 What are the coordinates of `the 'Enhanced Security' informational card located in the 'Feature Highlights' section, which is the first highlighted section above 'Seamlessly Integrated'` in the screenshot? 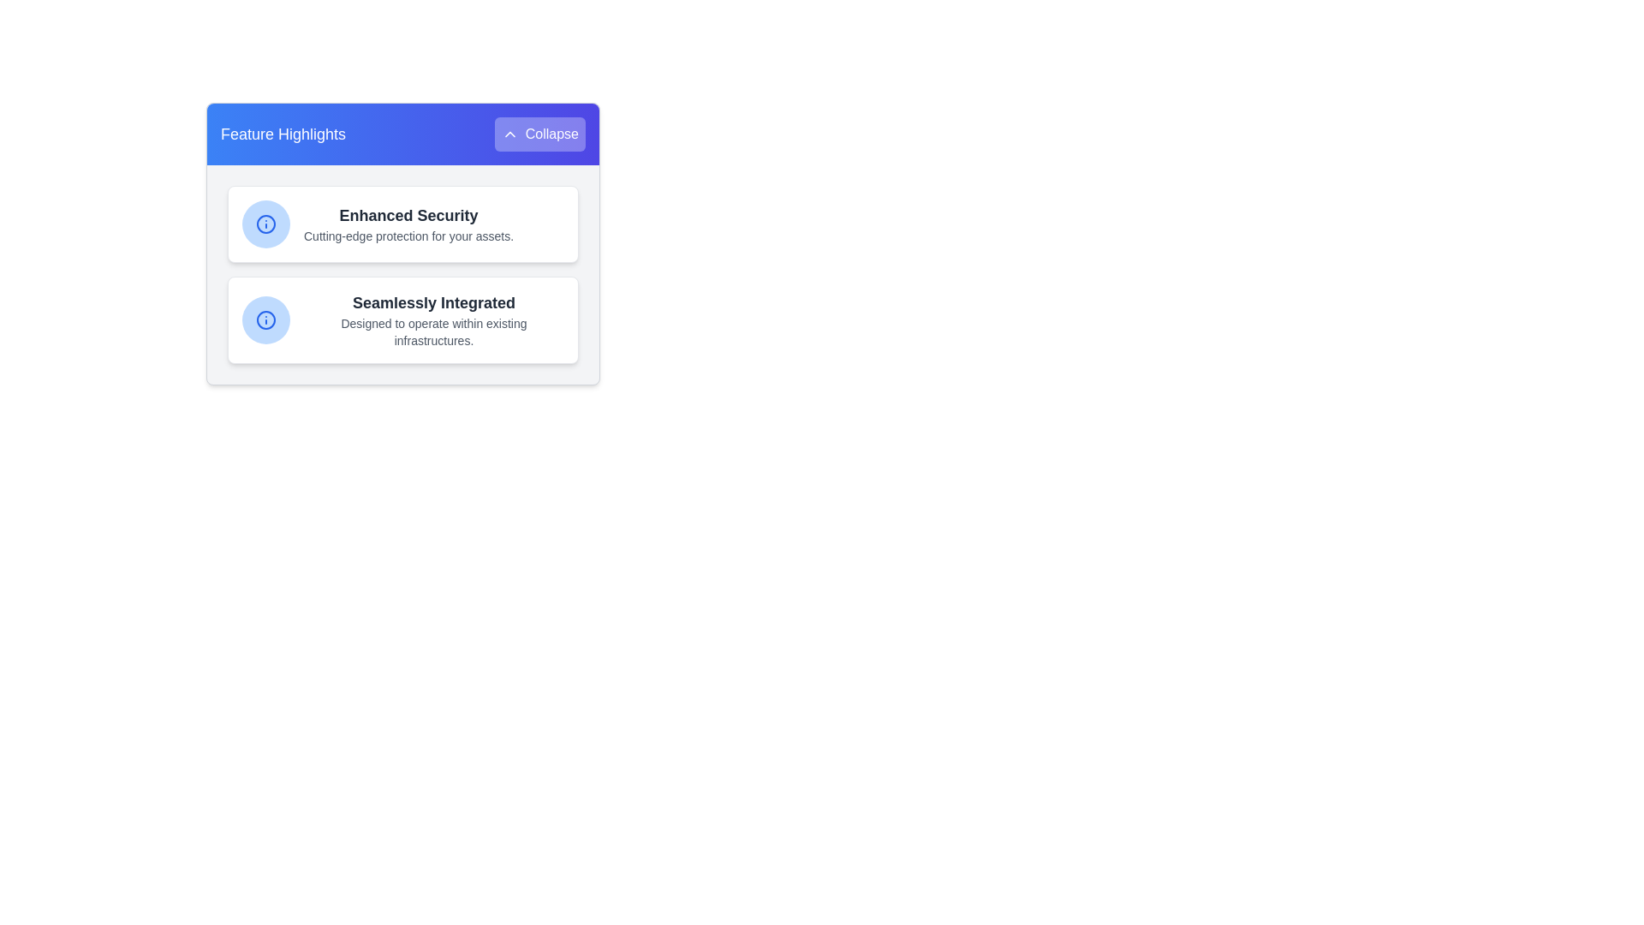 It's located at (402, 224).